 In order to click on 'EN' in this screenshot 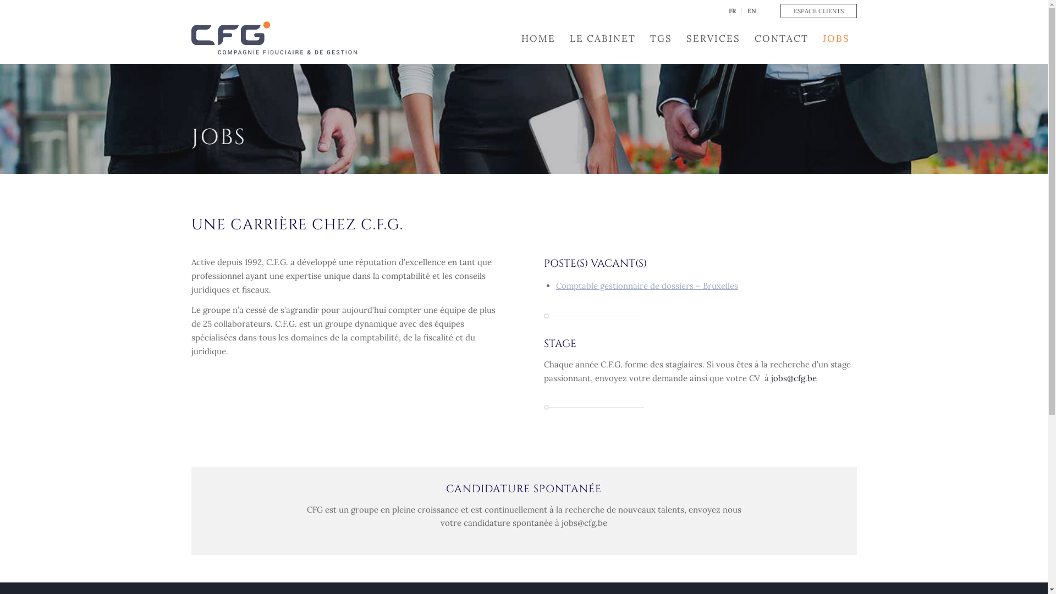, I will do `click(750, 10)`.